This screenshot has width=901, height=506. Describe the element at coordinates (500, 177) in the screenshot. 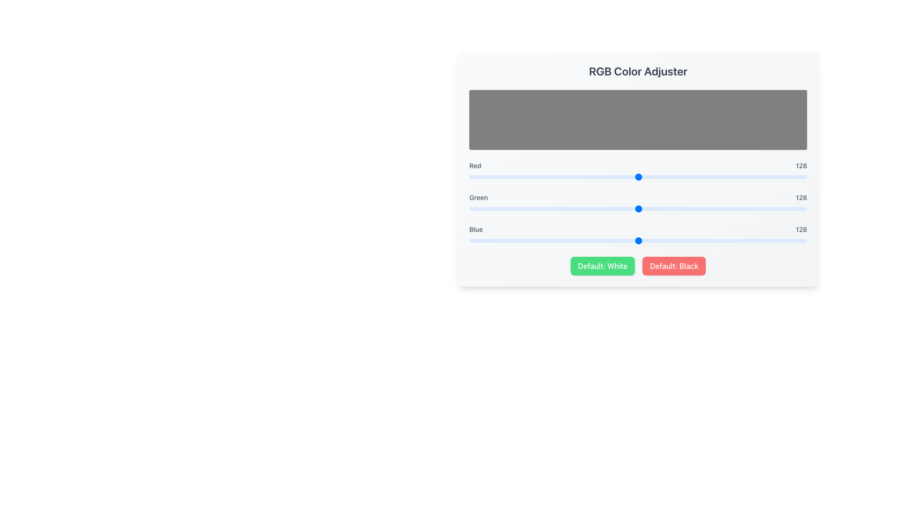

I see `the Red value` at that location.